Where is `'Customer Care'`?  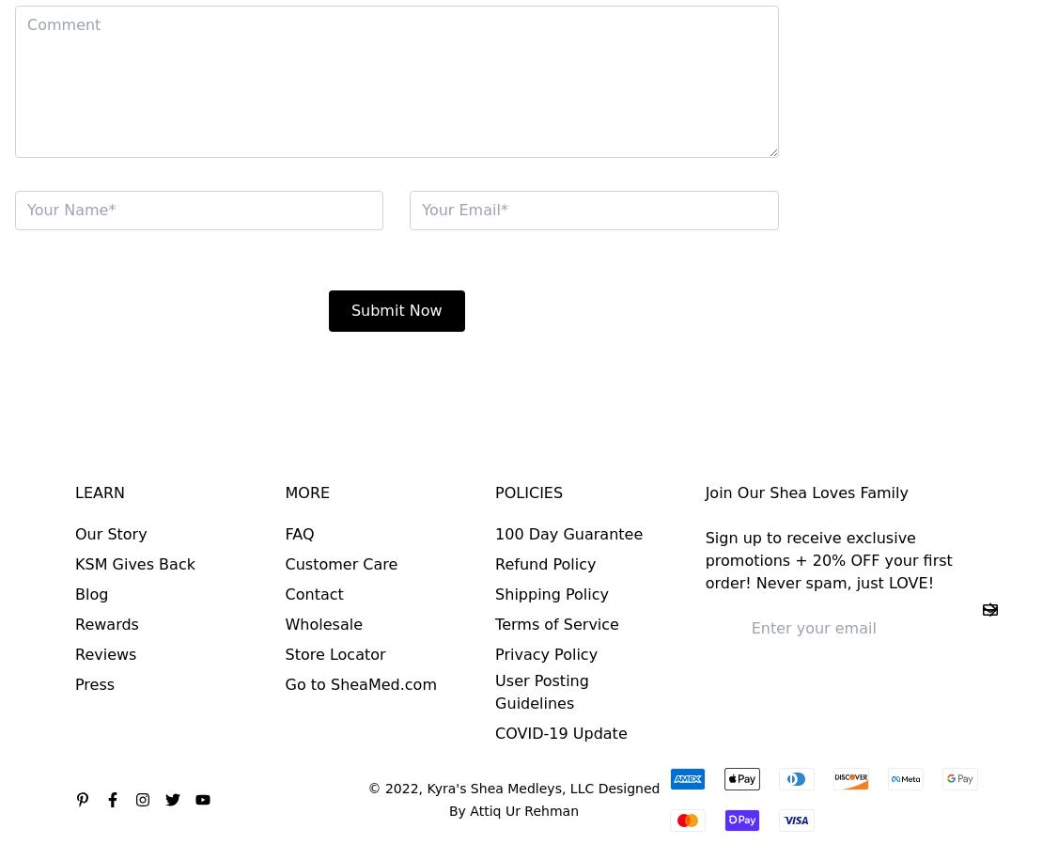
'Customer Care' is located at coordinates (285, 563).